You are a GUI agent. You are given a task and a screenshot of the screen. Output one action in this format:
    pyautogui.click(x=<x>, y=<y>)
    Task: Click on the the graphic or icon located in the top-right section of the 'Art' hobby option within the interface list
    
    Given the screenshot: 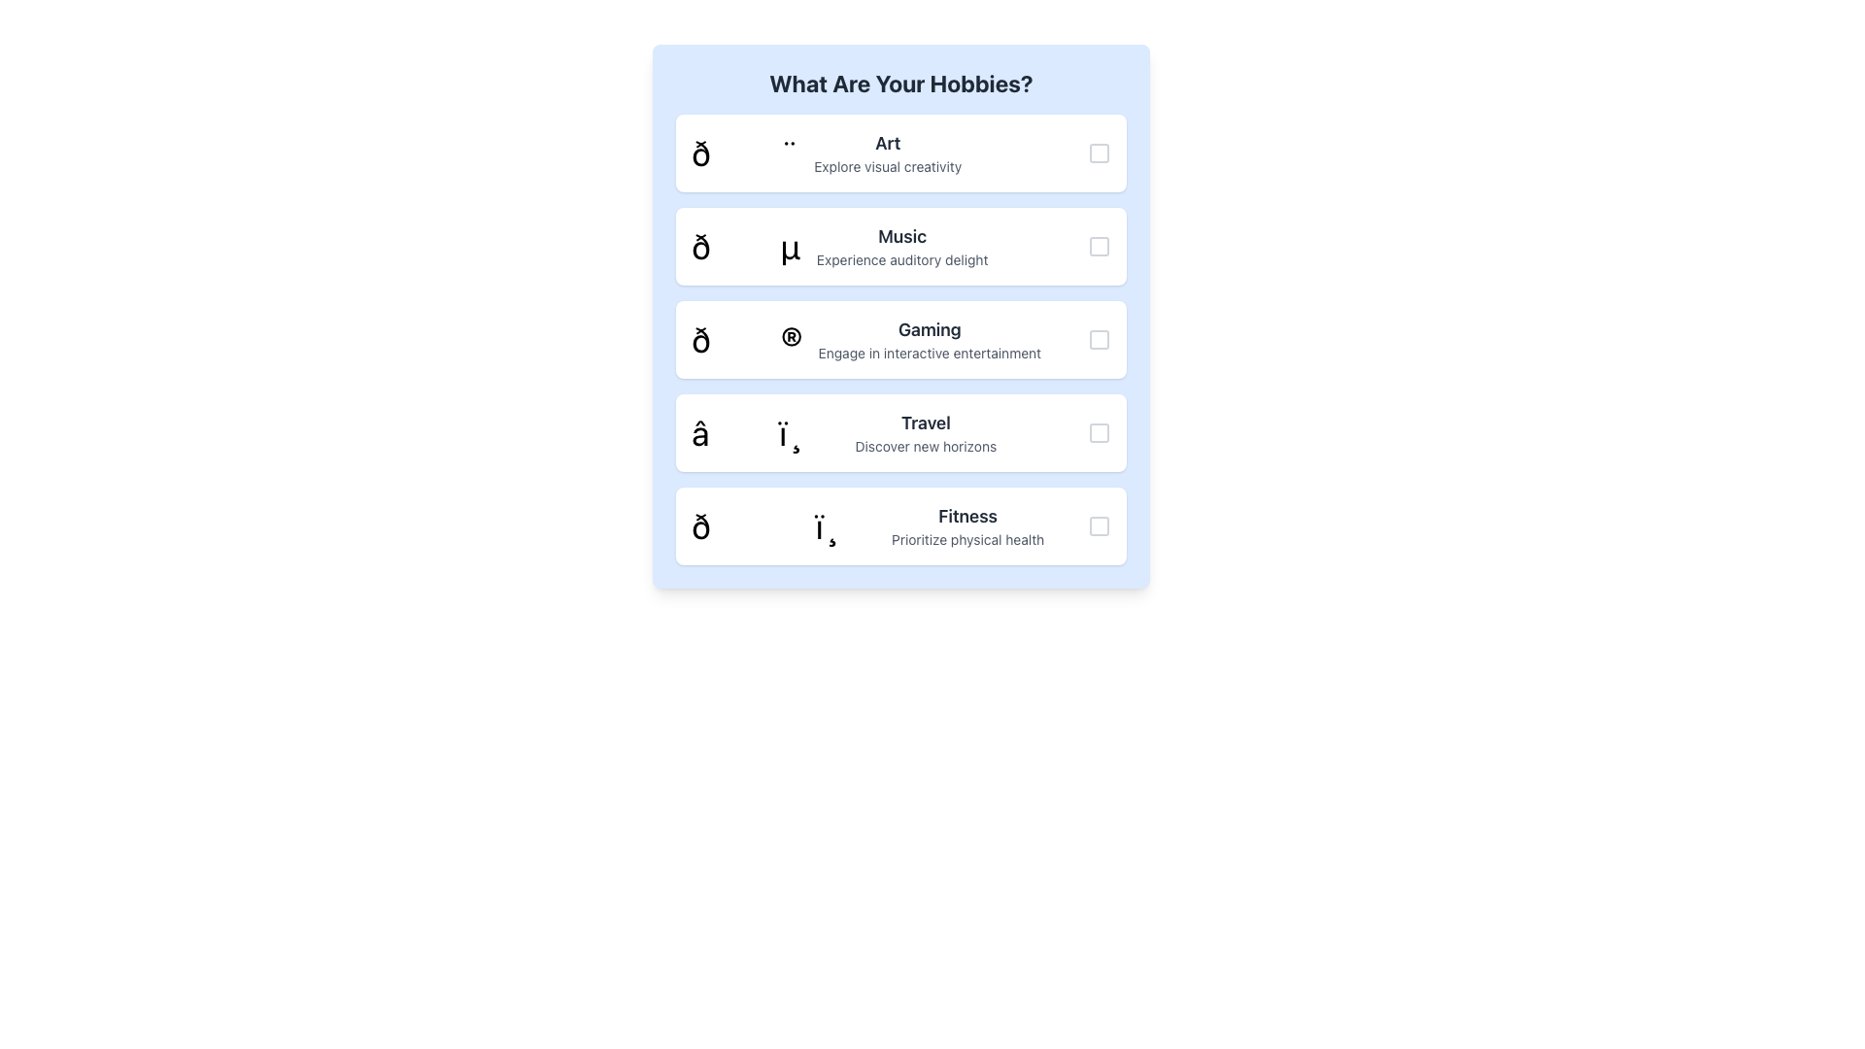 What is the action you would take?
    pyautogui.click(x=1100, y=152)
    